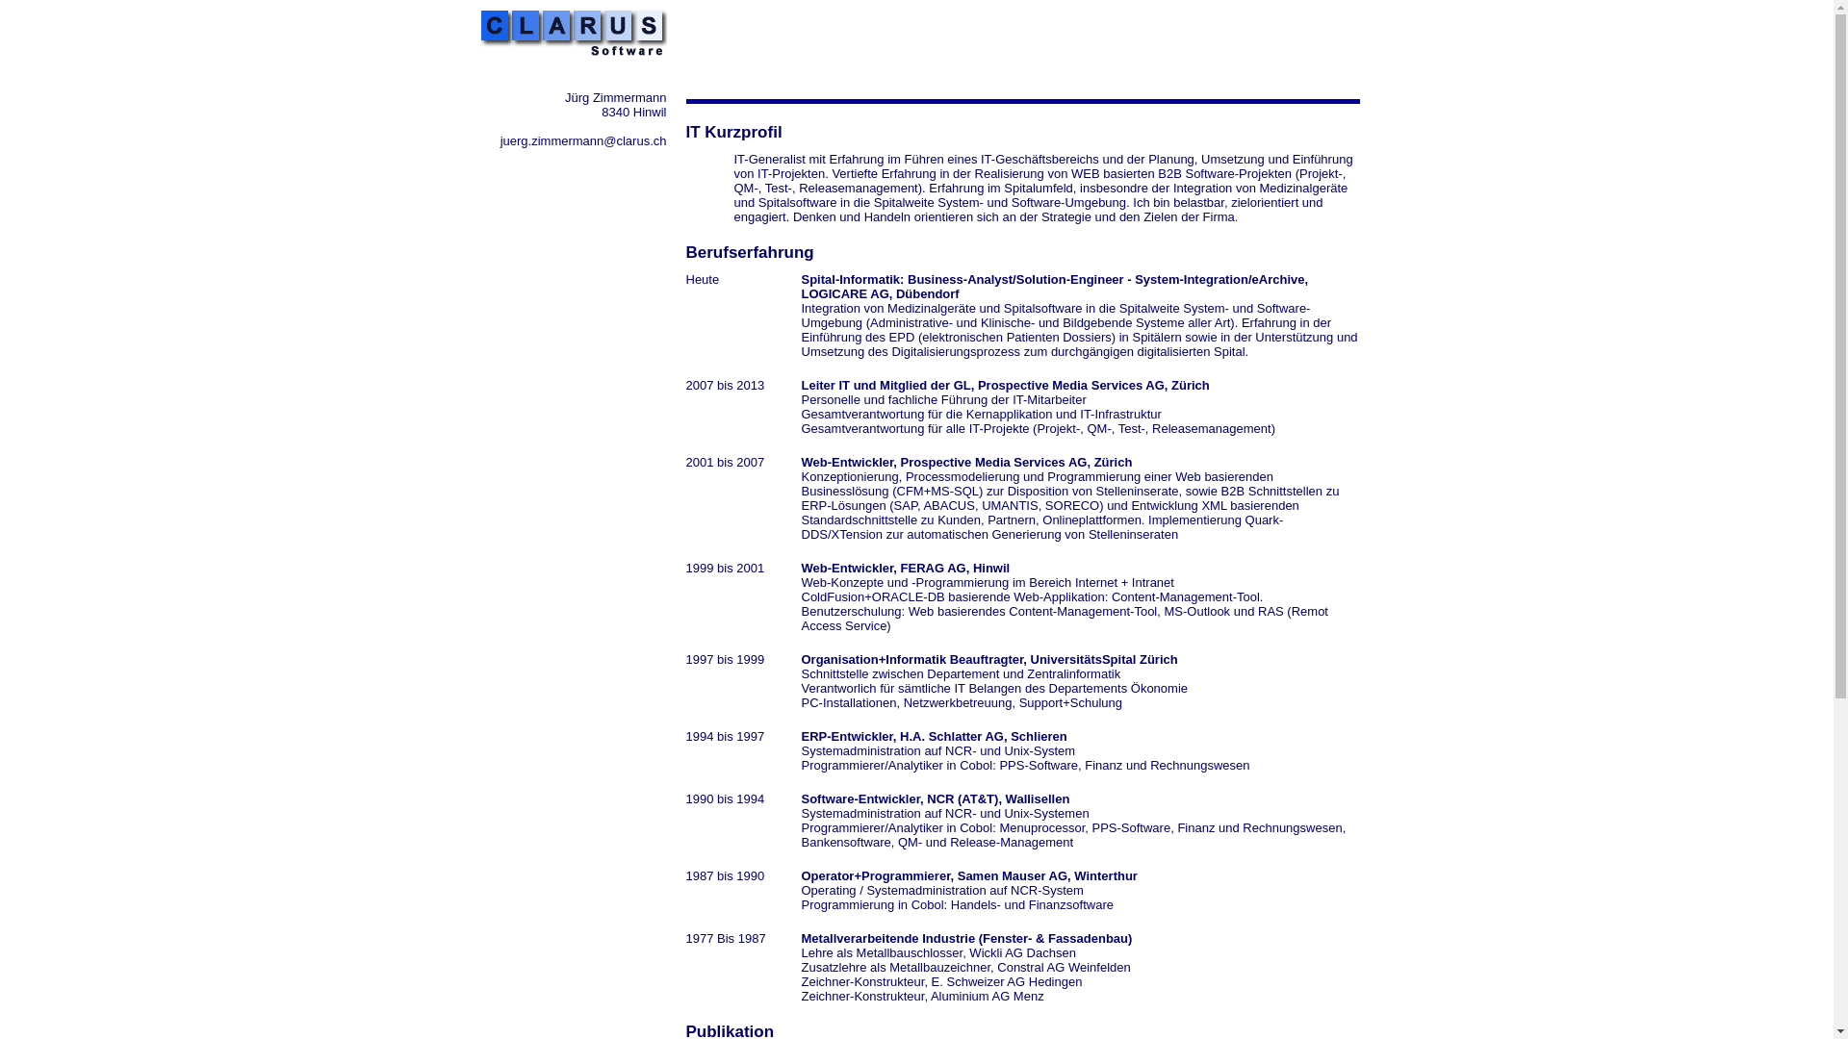 Image resolution: width=1848 pixels, height=1039 pixels. Describe the element at coordinates (582, 139) in the screenshot. I see `'juerg.zimmermann@clarus.ch'` at that location.